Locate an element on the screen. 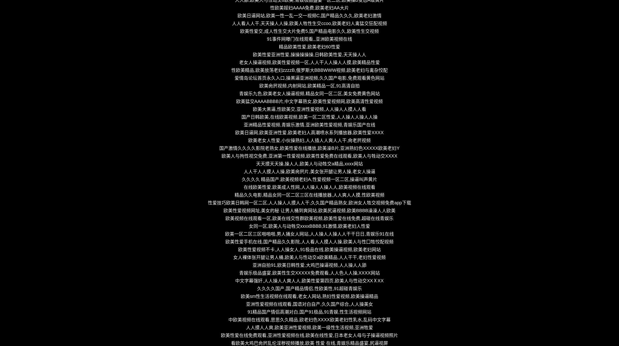 This screenshot has width=619, height=346. '91事件网曝门在线观看,,亚洲欧美视频在线' is located at coordinates (309, 39).